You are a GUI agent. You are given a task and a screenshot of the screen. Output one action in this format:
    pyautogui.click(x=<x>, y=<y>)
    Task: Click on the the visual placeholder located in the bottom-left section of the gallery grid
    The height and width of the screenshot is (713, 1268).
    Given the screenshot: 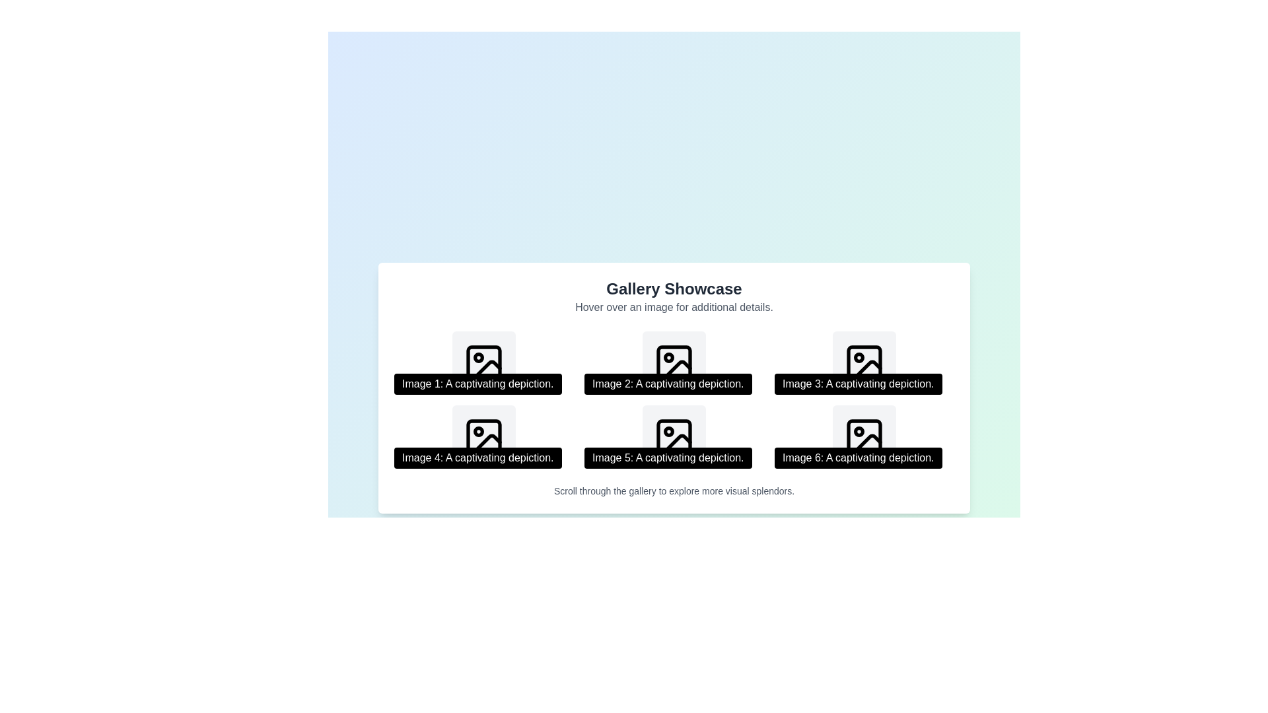 What is the action you would take?
    pyautogui.click(x=483, y=437)
    